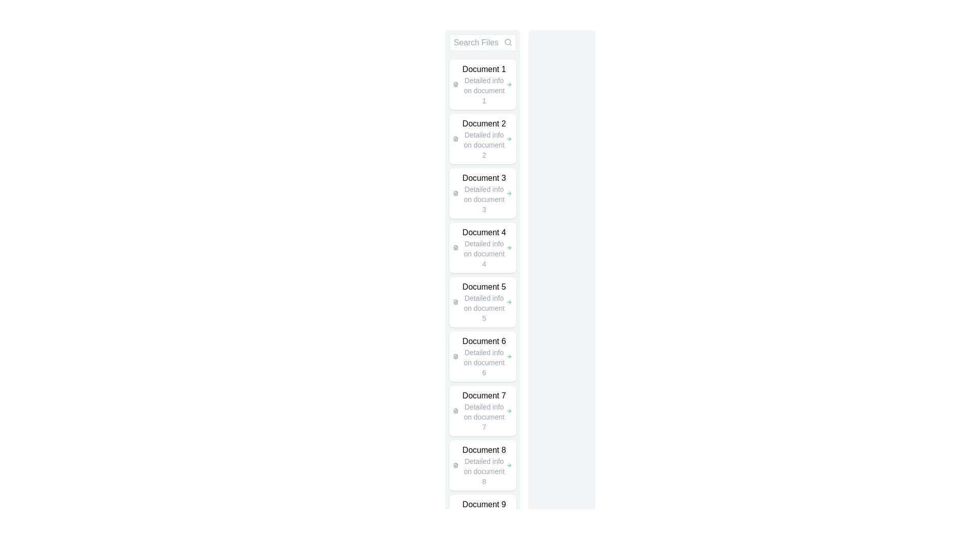  Describe the element at coordinates (509, 411) in the screenshot. I see `the decorative icon or informative indicator located at the far right edge of the informational card for 'Document 7'` at that location.